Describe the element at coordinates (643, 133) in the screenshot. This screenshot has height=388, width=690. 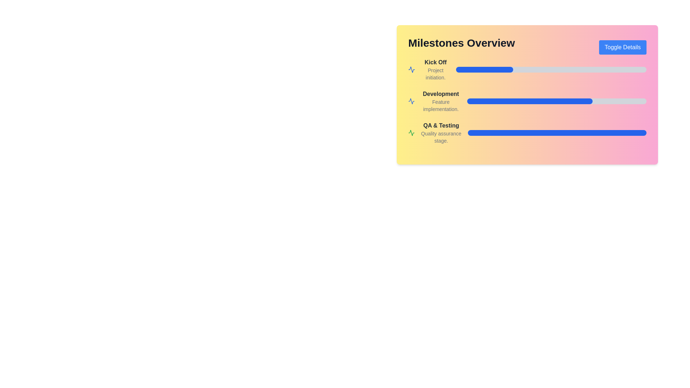
I see `the progress bar value` at that location.